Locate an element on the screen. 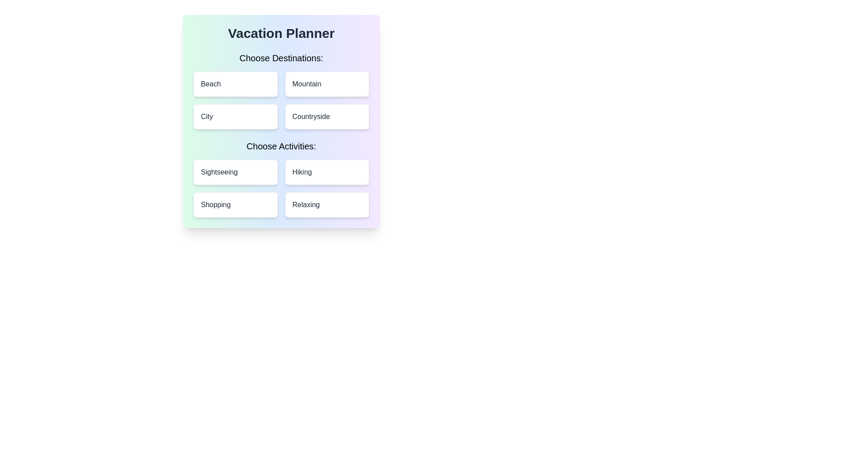 The height and width of the screenshot is (476, 846). the 'Countryside' option in the second row and second column of the 'Choose Destinations' section in the 'Vacation Planner' interface is located at coordinates (311, 116).